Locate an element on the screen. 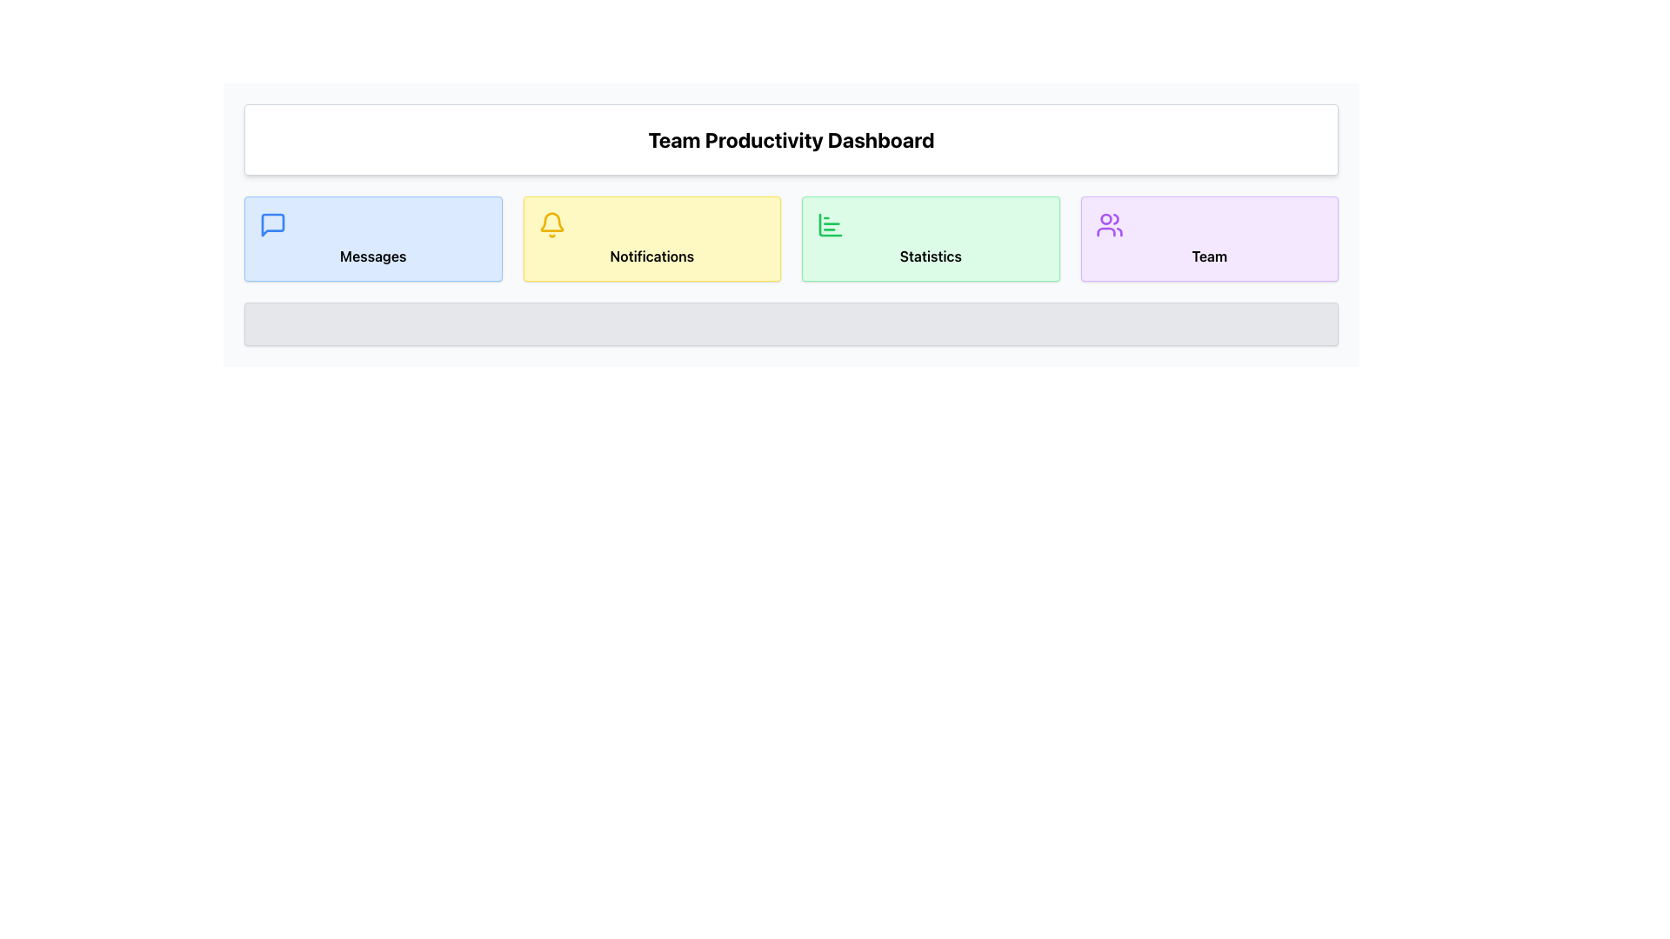  the 'Notifications' button in the grid below the 'Team Productivity Dashboard' heading by is located at coordinates (651, 238).